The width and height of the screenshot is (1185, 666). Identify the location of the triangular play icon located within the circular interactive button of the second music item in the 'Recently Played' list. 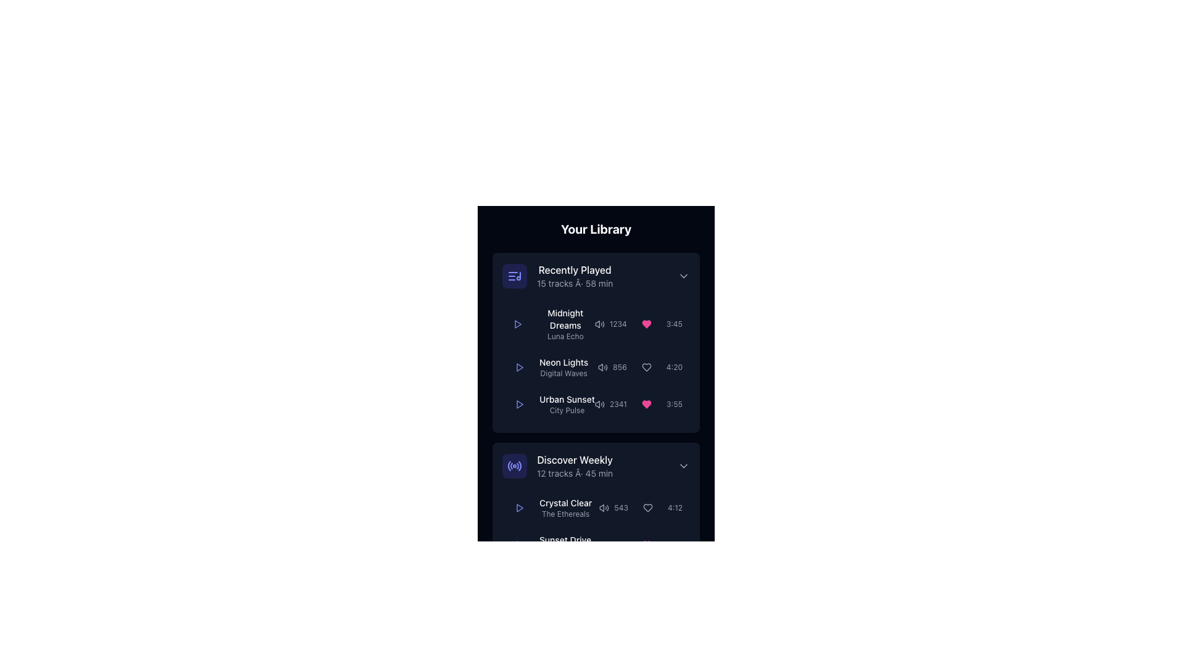
(519, 367).